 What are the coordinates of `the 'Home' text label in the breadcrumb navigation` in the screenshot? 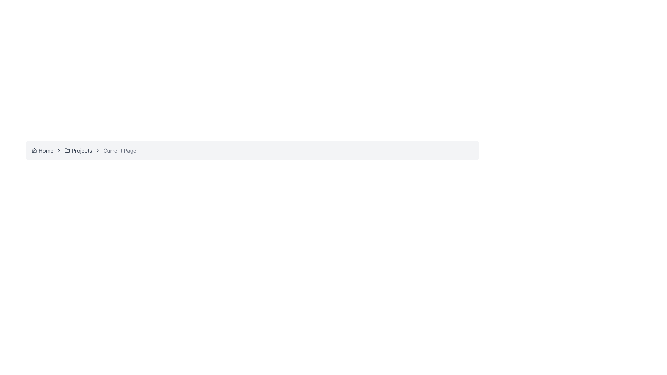 It's located at (46, 150).